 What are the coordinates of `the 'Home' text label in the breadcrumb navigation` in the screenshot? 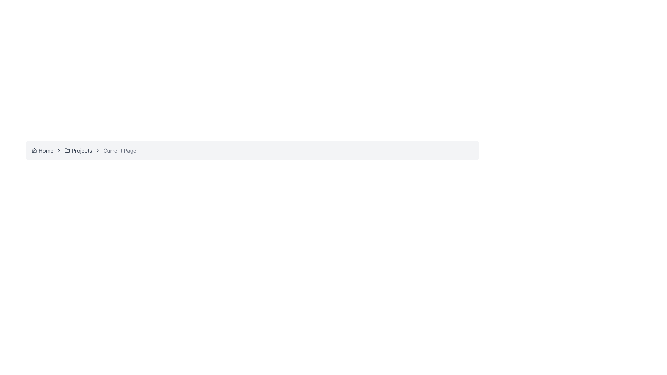 It's located at (46, 150).